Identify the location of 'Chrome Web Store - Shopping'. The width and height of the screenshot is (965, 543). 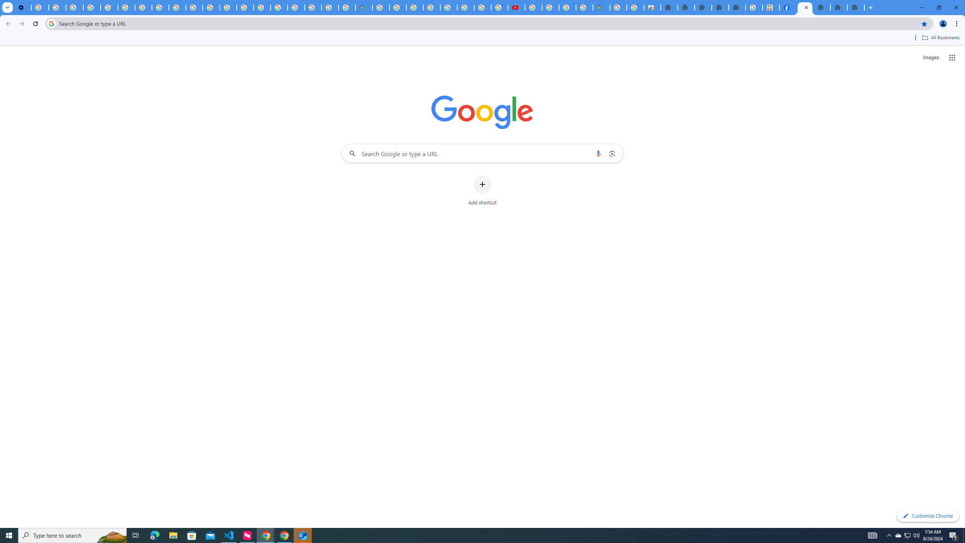
(652, 7).